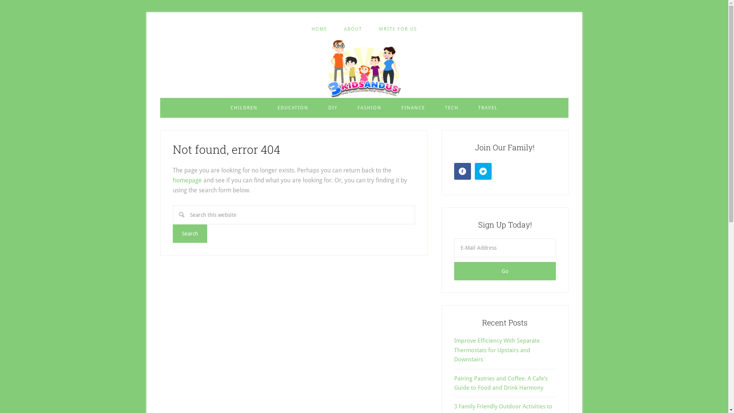 This screenshot has width=734, height=413. I want to click on 'TECH', so click(451, 107).